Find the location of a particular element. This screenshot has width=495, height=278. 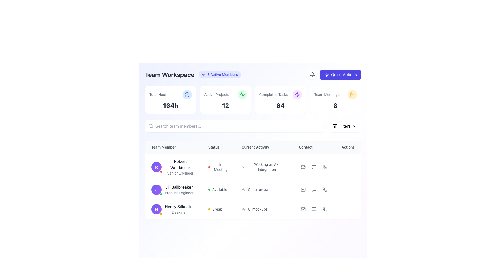

the ellipsis menu button located in the 'Actions' column of the table row for the team member 'Jill Jailbreaker' is located at coordinates (348, 189).